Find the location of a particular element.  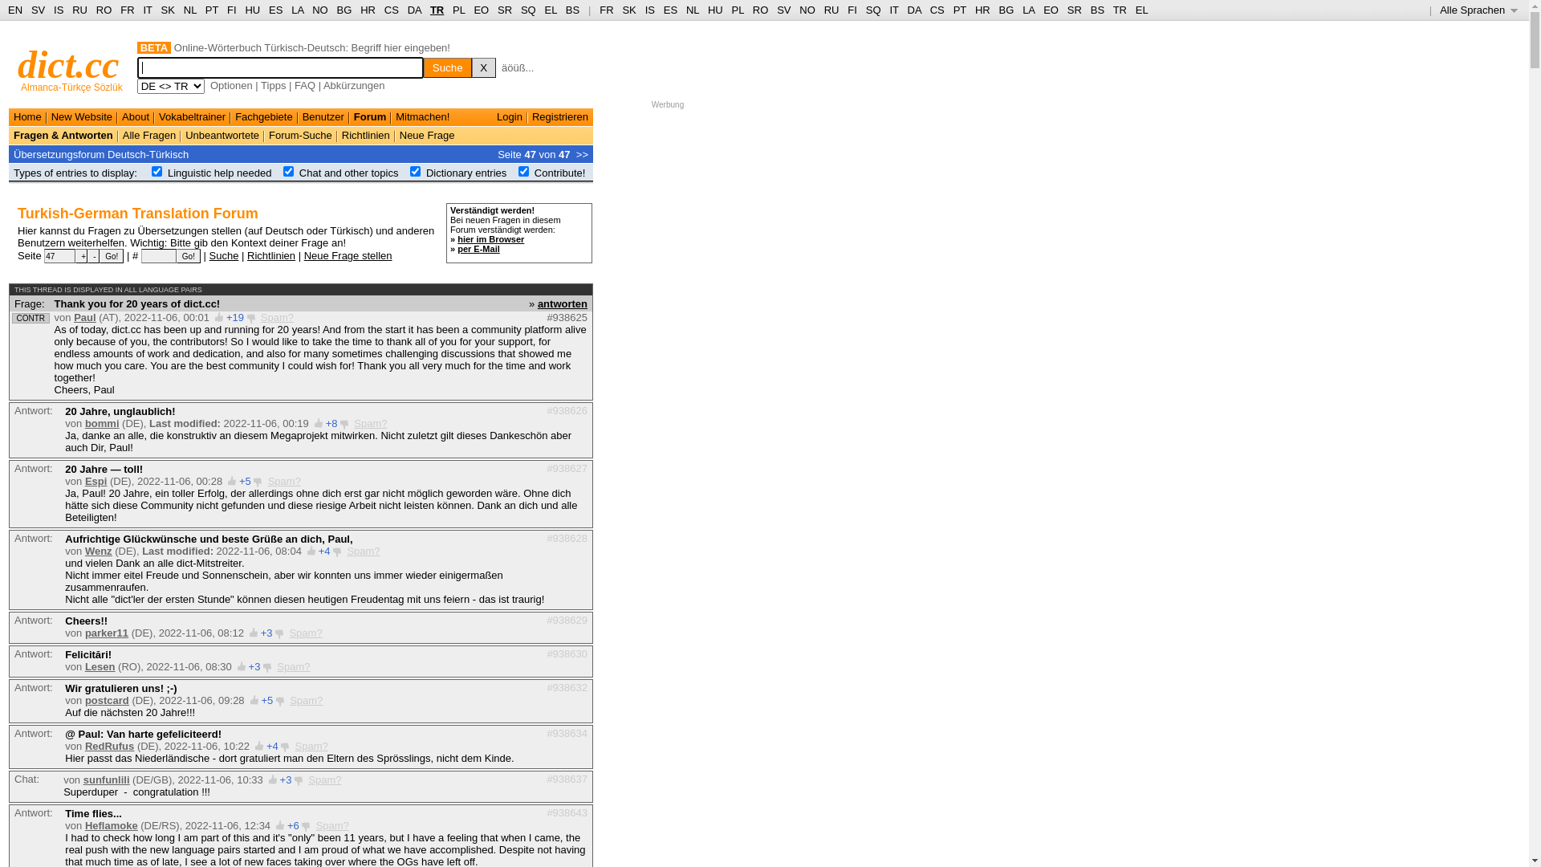

'on' is located at coordinates (415, 171).